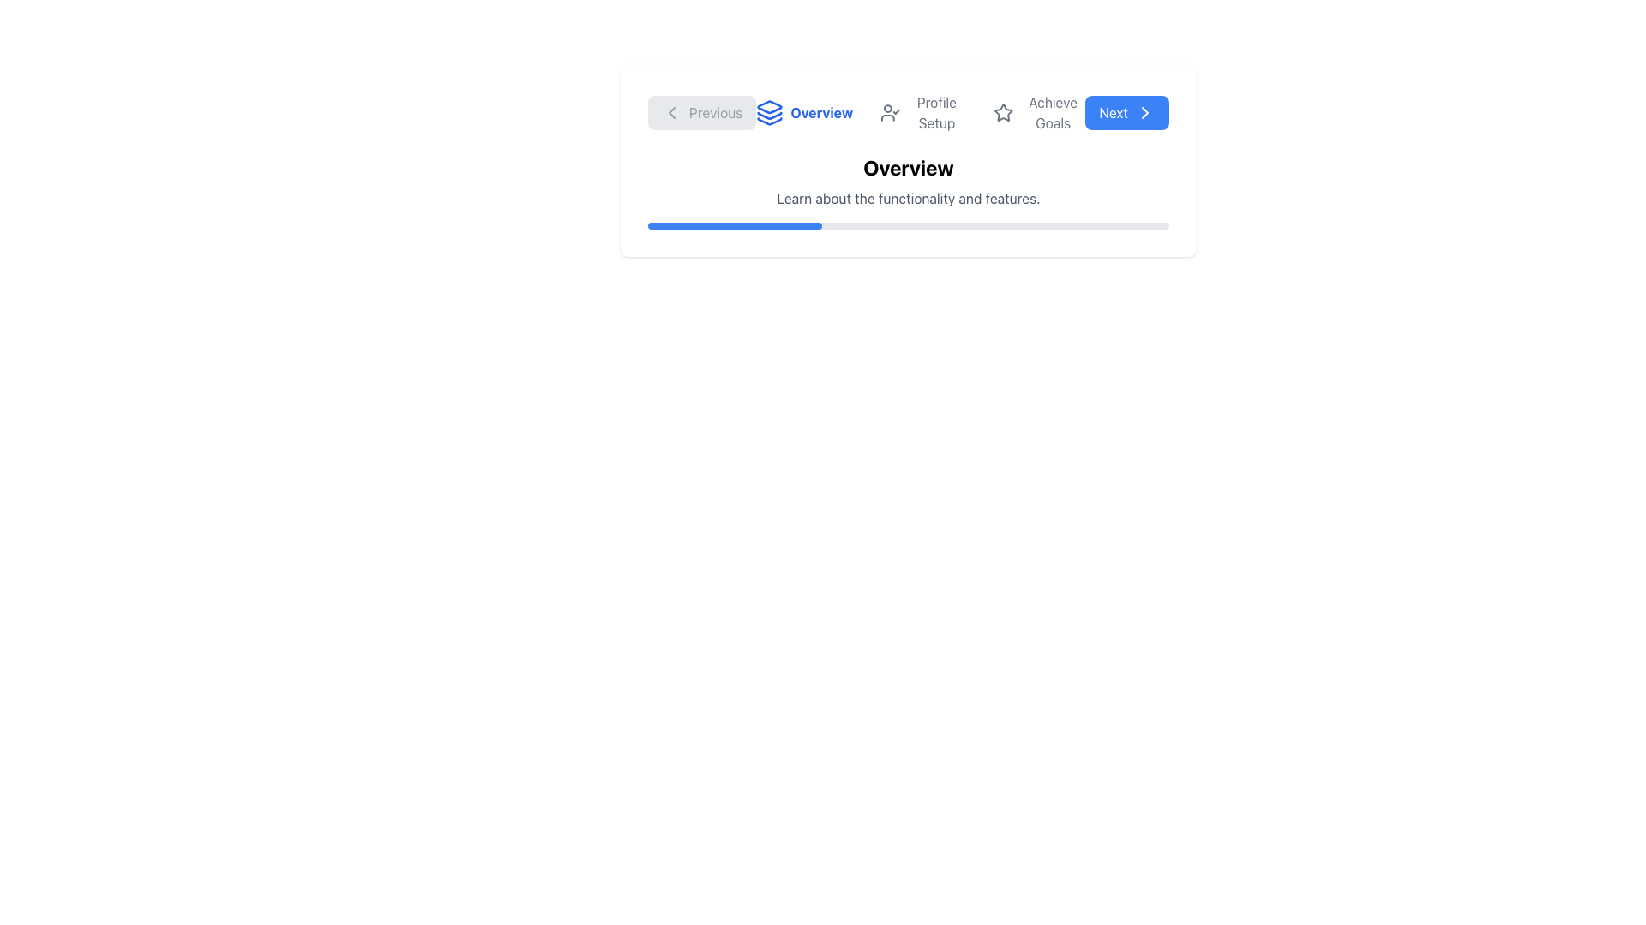 The image size is (1646, 925). I want to click on the blue 'Next' button with white text and a rightward arrow symbol to move to the next step, so click(1127, 112).